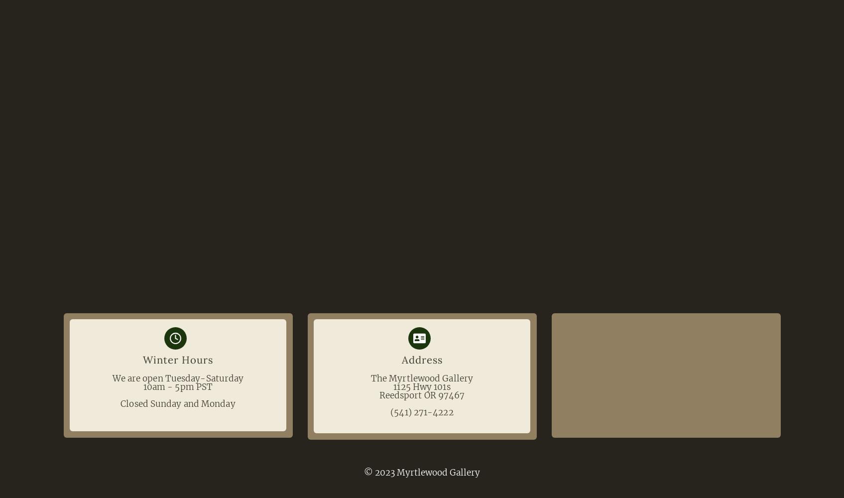 This screenshot has width=844, height=498. What do you see at coordinates (421, 412) in the screenshot?
I see `'(541) 271-4222'` at bounding box center [421, 412].